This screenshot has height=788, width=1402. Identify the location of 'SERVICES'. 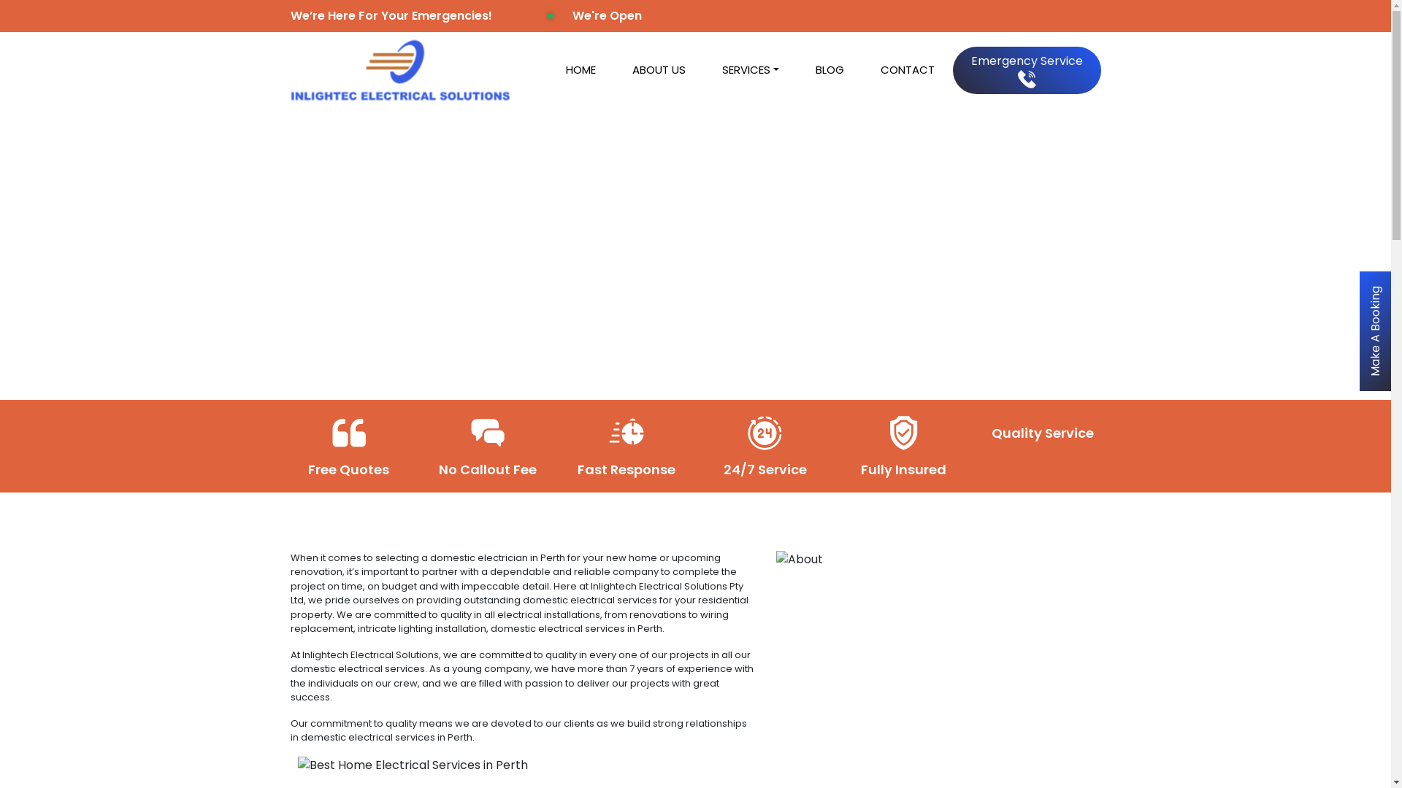
(750, 70).